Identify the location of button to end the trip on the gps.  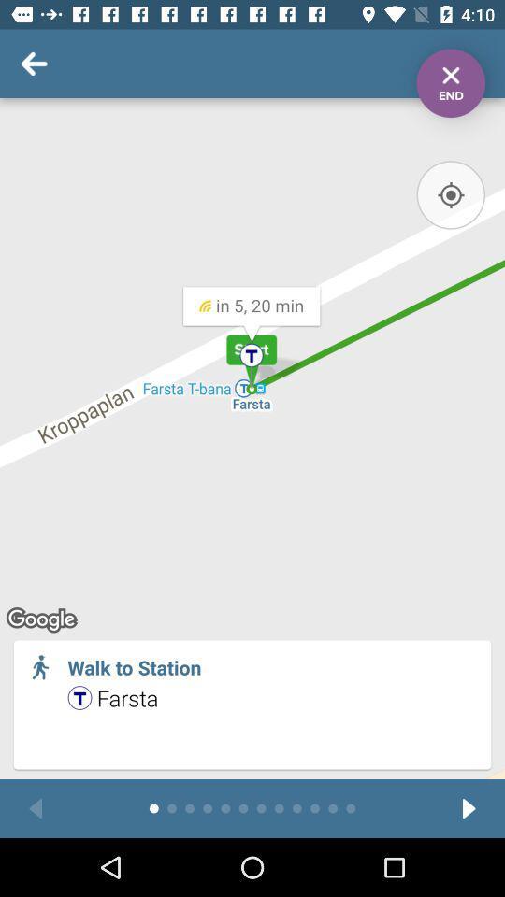
(450, 83).